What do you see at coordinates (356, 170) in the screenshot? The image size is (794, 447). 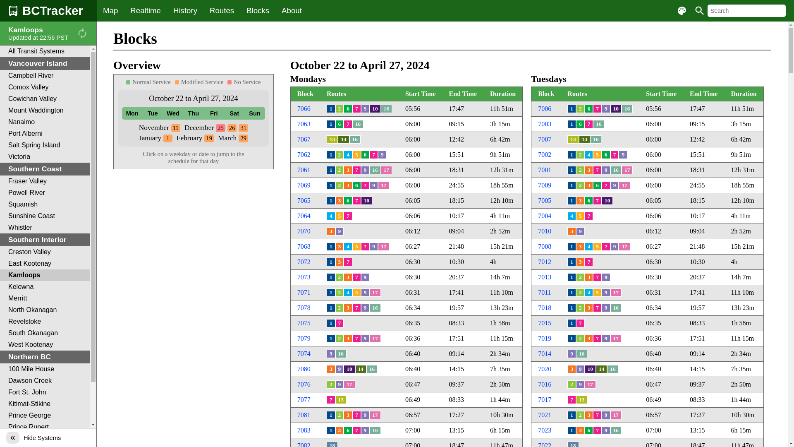 I see `'7'` at bounding box center [356, 170].